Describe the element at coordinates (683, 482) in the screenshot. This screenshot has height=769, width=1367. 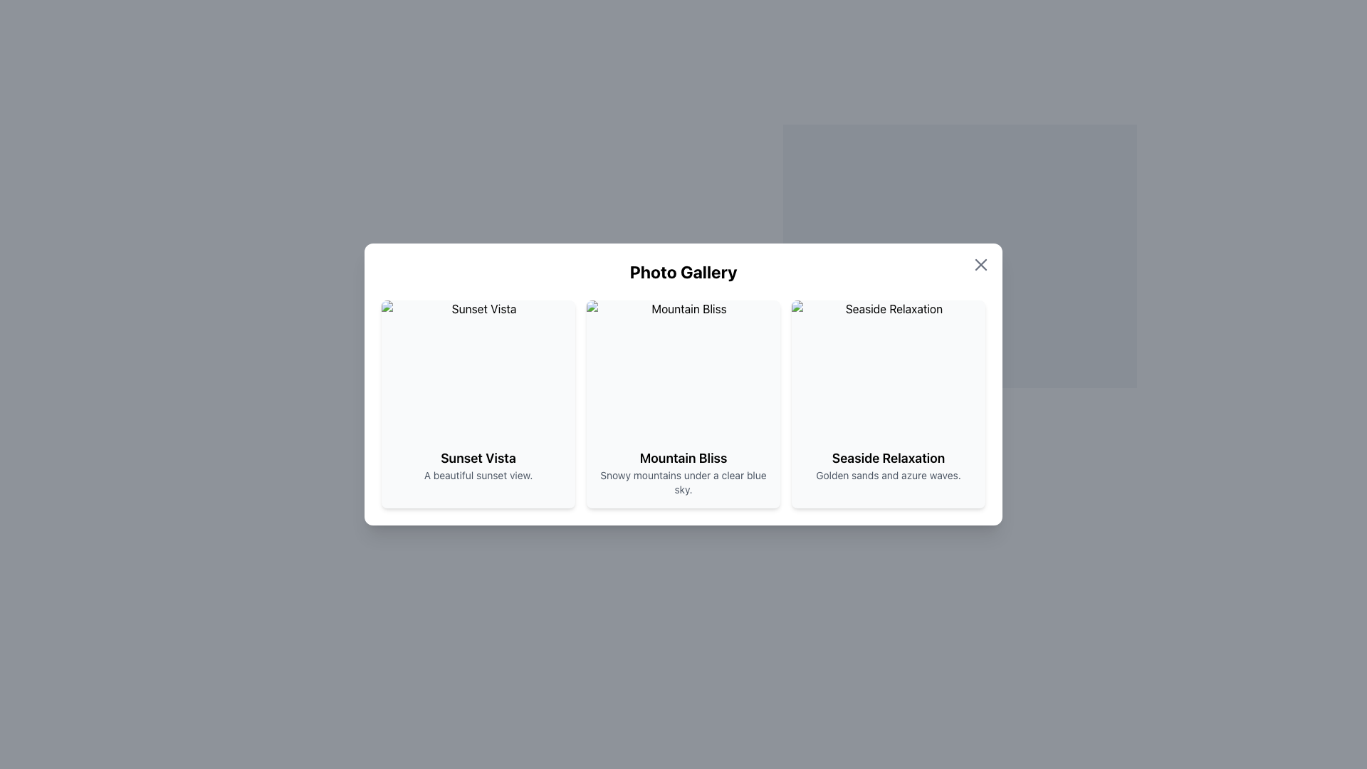
I see `the text label displaying 'Snowy mountains under a clear blue sky,' which is centrally located at the bottom of the middle card in a three-card layout` at that location.